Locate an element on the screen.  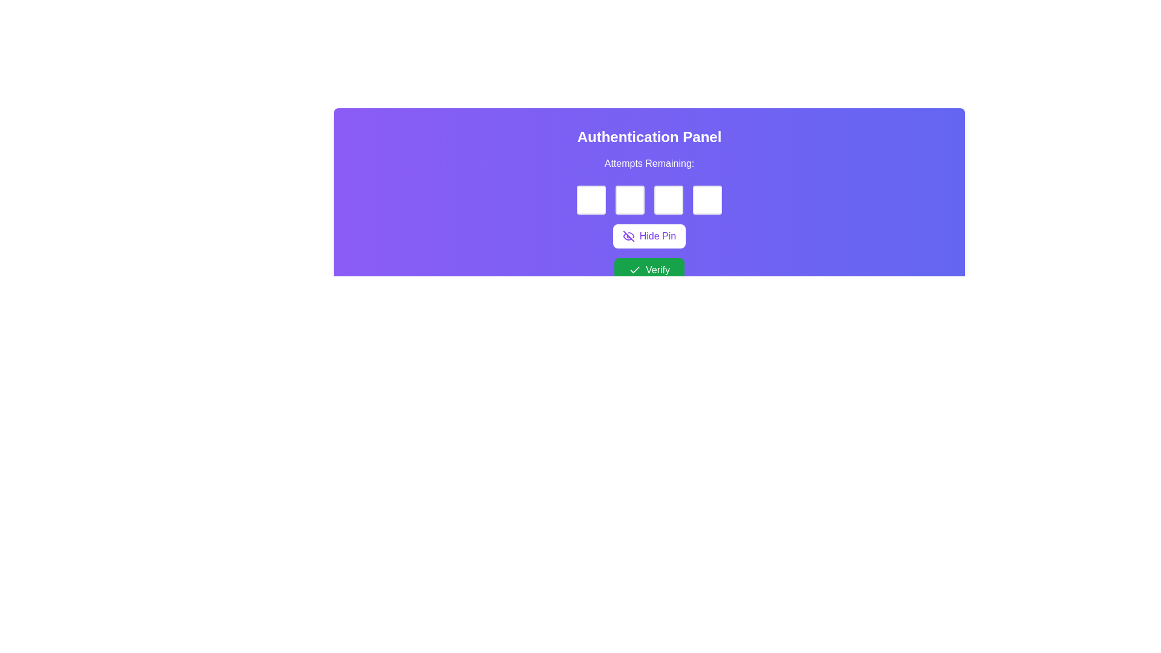
the checkmark icon that is part of the 'Verify' button, which is located towards the left side of the button and indicates success or completion is located at coordinates (634, 270).